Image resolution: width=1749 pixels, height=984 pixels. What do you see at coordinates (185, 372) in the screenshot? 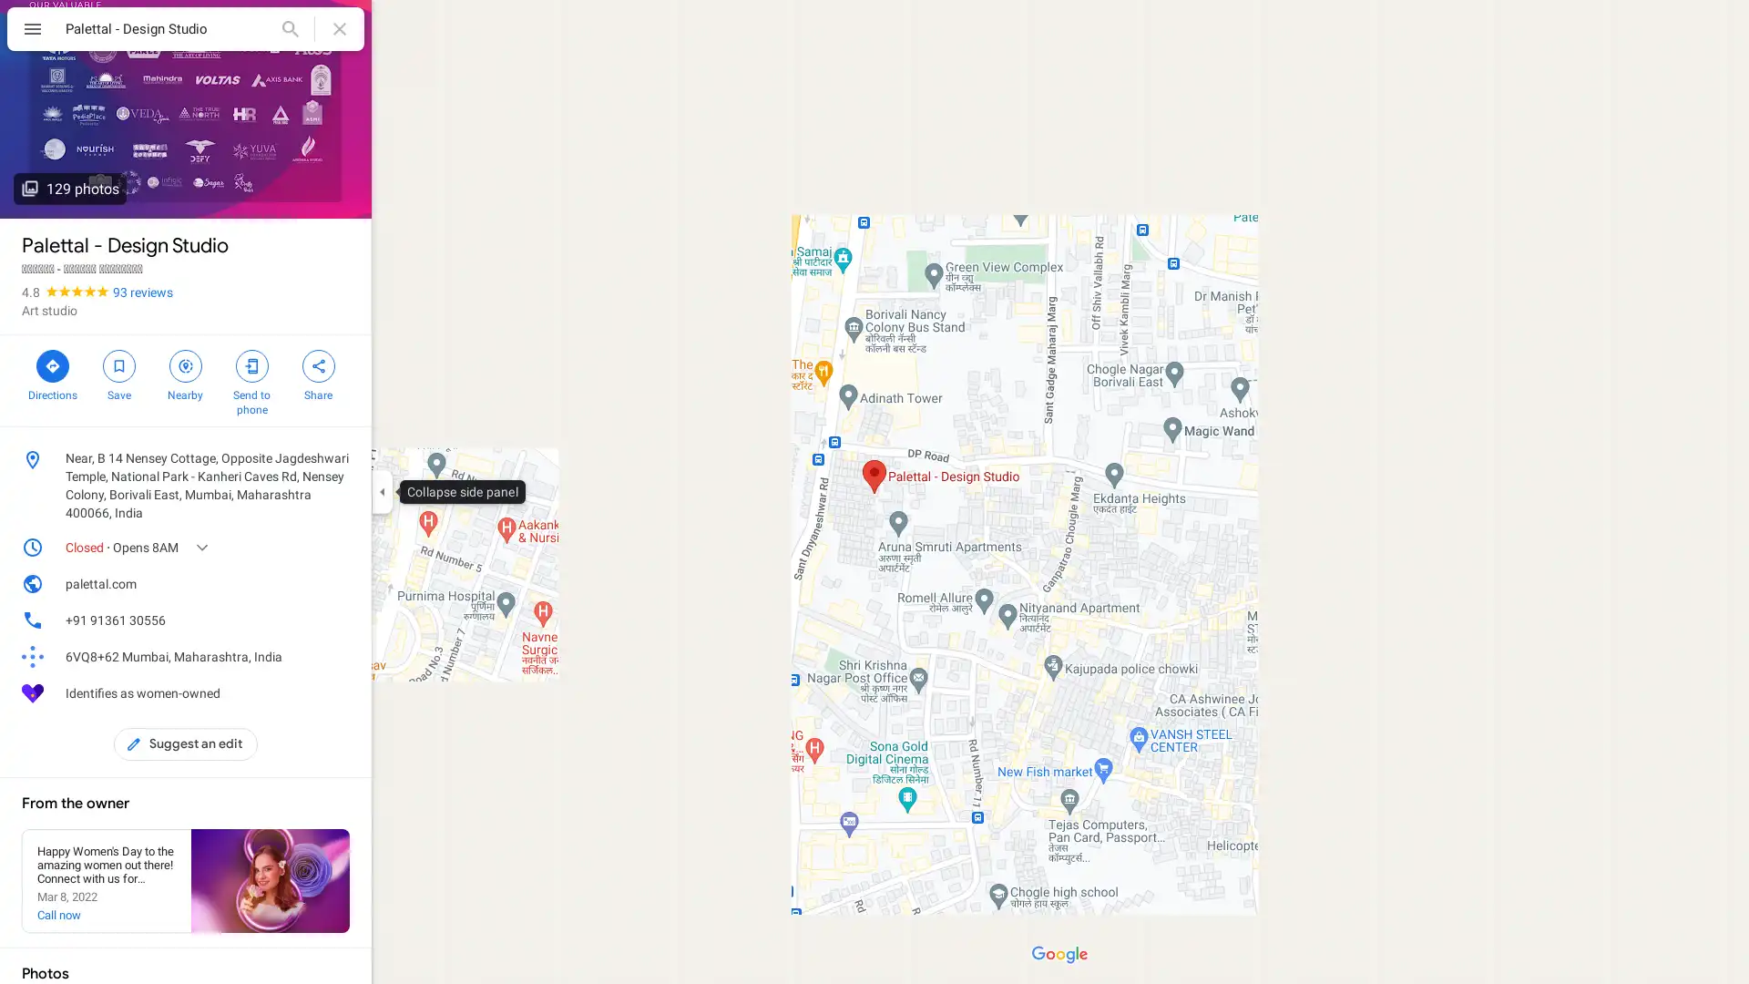
I see `Search nearby Palettal - Design Studio` at bounding box center [185, 372].